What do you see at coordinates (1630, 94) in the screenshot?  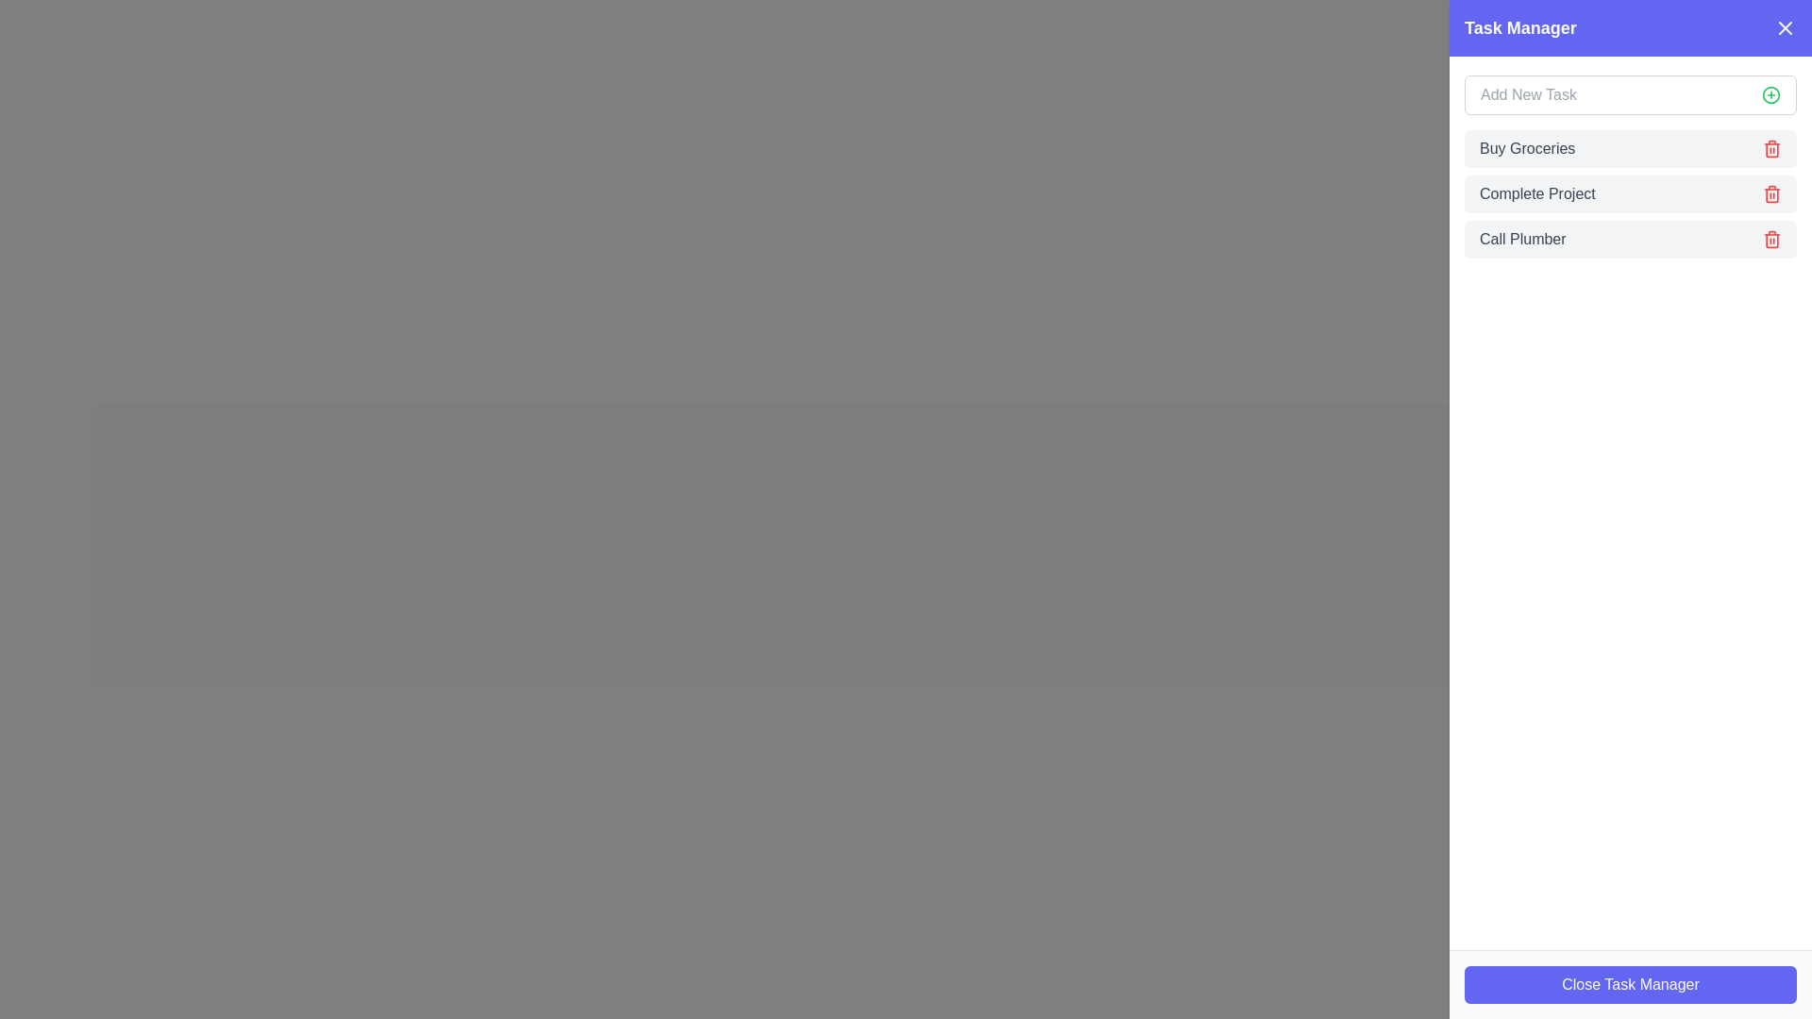 I see `the green add button located at the top of the task management panel` at bounding box center [1630, 94].